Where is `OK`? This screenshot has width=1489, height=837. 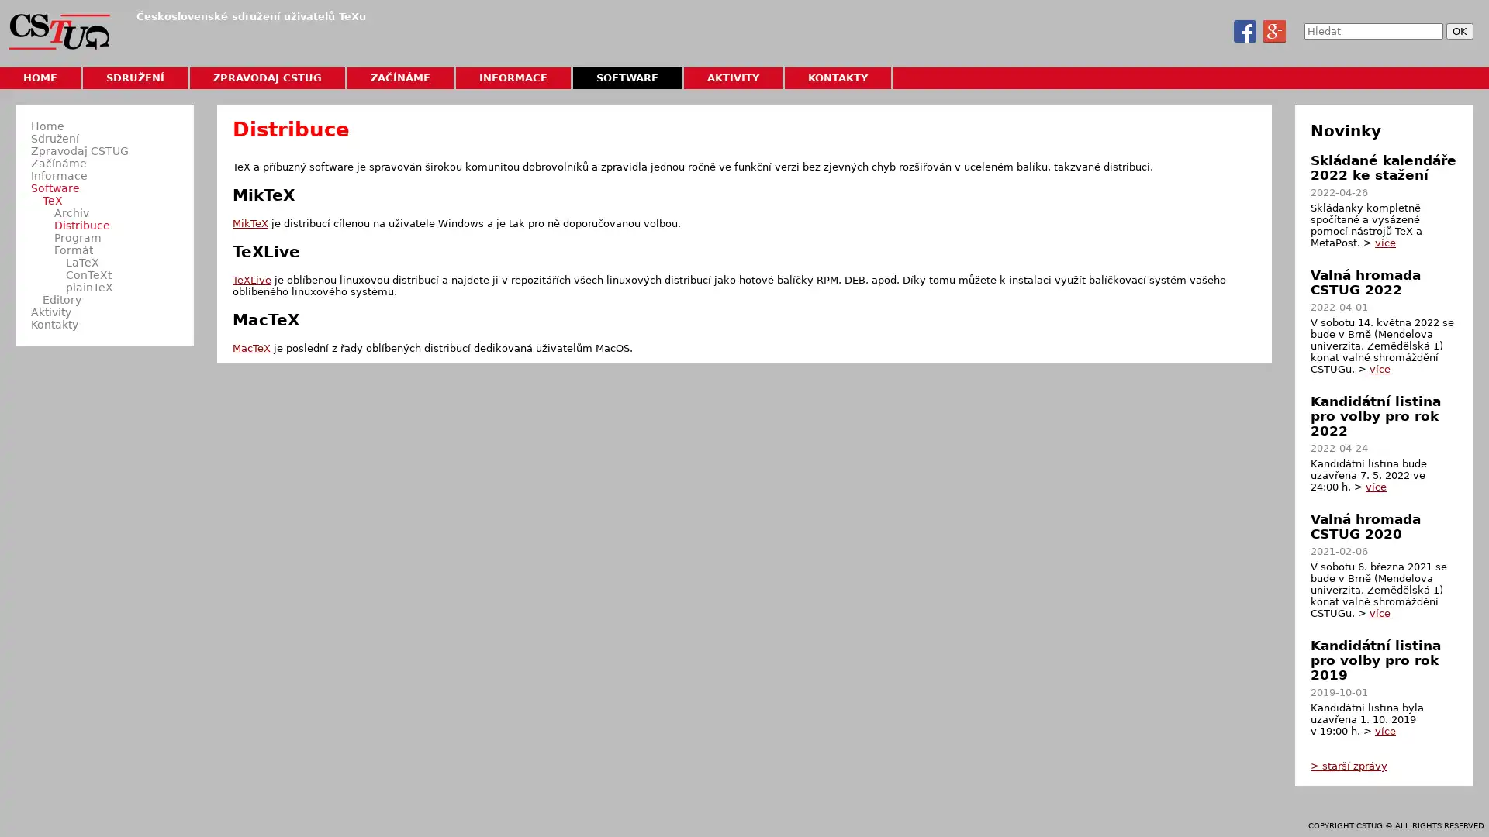 OK is located at coordinates (1459, 31).